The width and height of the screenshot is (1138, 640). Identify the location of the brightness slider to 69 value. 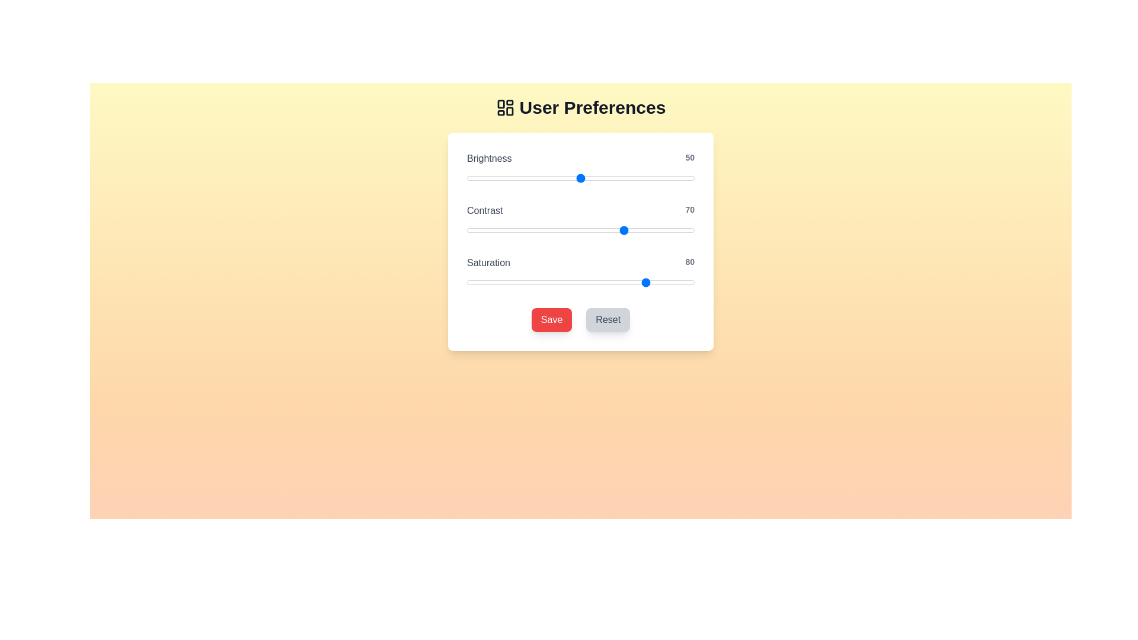
(623, 178).